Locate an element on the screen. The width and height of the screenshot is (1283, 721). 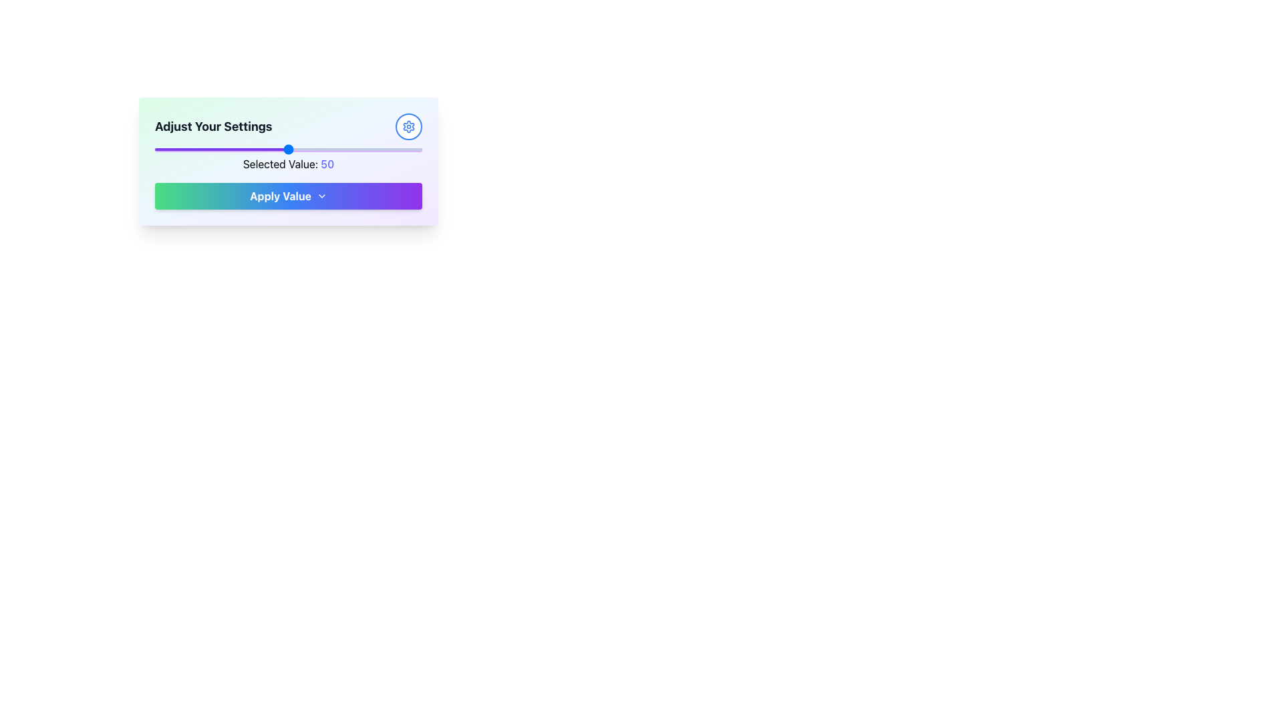
the 'Apply Value' button located is located at coordinates (288, 196).